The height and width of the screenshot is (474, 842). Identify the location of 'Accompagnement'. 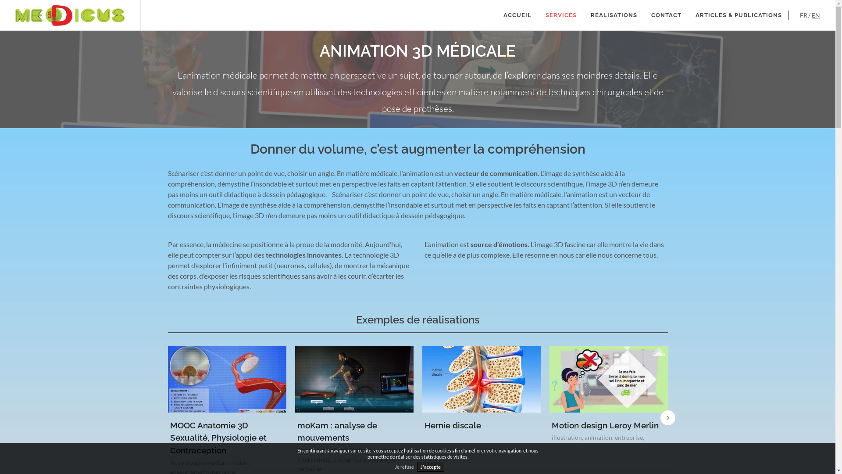
(194, 462).